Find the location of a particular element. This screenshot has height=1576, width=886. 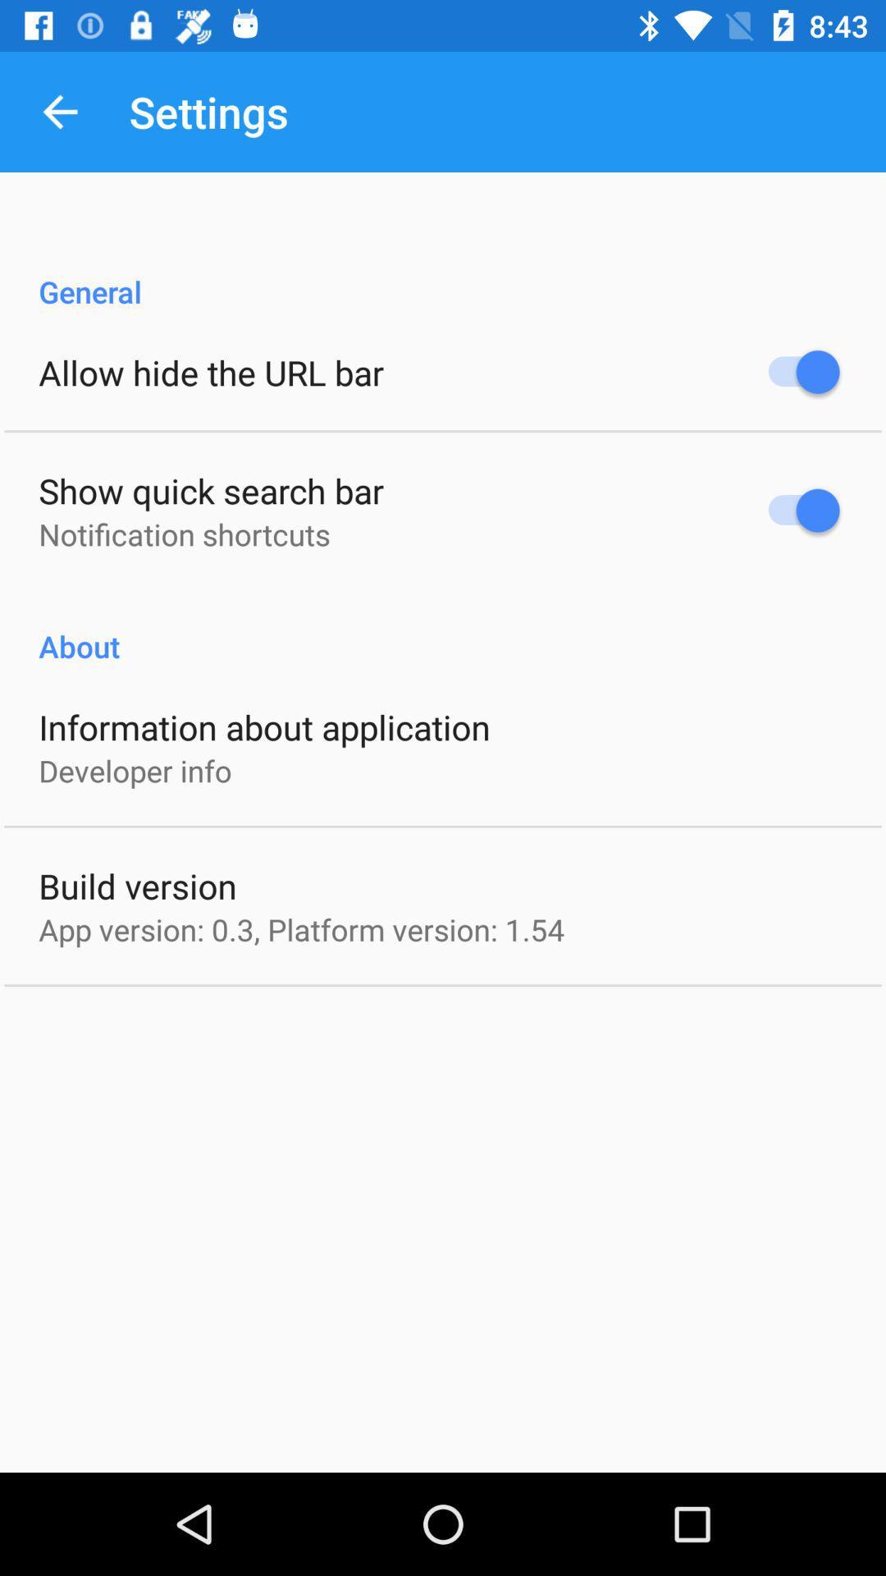

icon above the build version icon is located at coordinates (135, 770).